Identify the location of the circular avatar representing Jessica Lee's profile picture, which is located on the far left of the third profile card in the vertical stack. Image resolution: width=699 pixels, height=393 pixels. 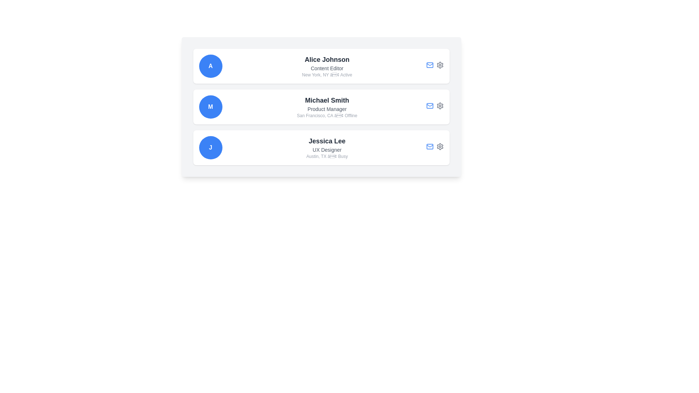
(210, 147).